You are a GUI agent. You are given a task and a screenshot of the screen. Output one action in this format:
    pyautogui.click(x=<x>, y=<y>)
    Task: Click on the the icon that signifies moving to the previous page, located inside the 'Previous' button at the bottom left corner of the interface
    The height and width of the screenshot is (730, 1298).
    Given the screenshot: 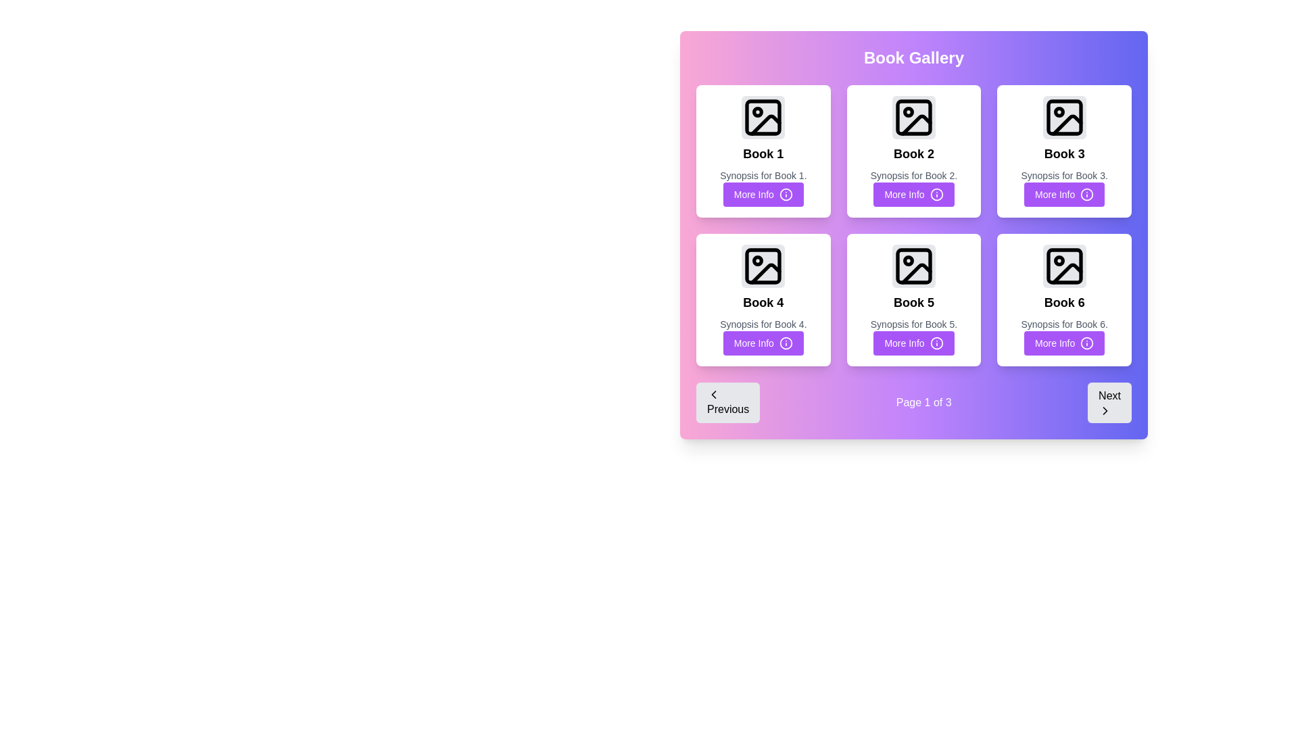 What is the action you would take?
    pyautogui.click(x=713, y=394)
    